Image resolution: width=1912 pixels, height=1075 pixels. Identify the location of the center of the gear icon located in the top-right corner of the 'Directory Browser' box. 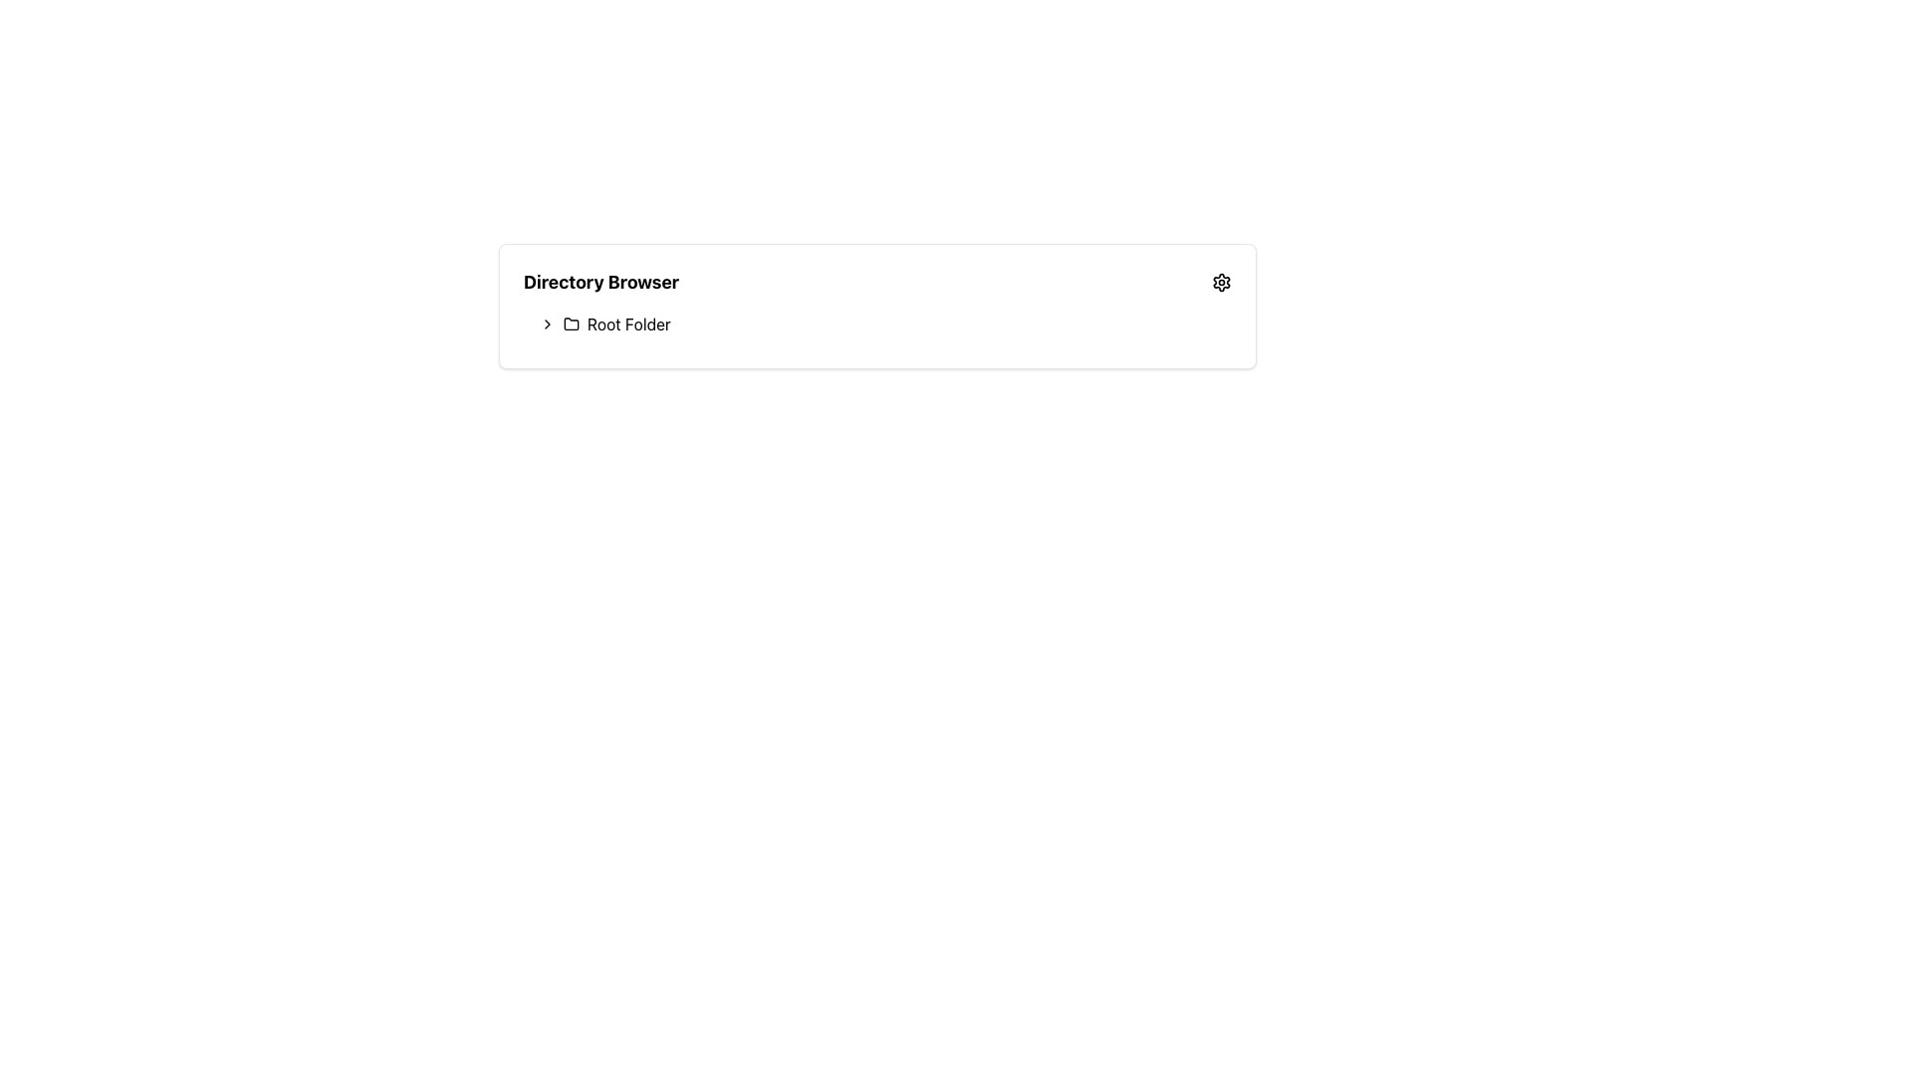
(1221, 283).